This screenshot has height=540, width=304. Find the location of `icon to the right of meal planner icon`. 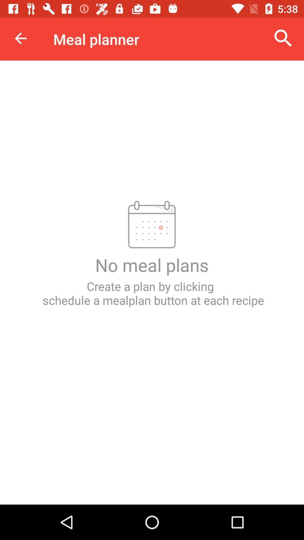

icon to the right of meal planner icon is located at coordinates (283, 38).